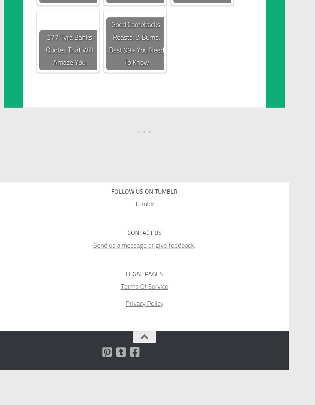 This screenshot has height=405, width=315. Describe the element at coordinates (144, 303) in the screenshot. I see `'Privacy Policy'` at that location.